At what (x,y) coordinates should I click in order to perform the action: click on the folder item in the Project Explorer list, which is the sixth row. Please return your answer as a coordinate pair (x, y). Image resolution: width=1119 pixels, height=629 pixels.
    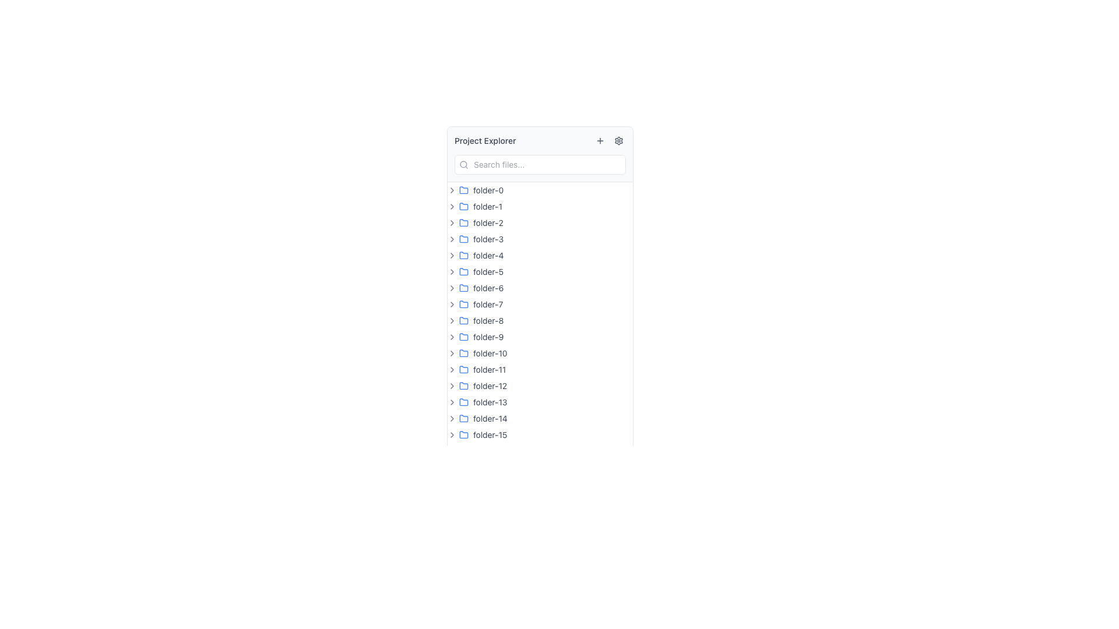
    Looking at the image, I should click on (539, 271).